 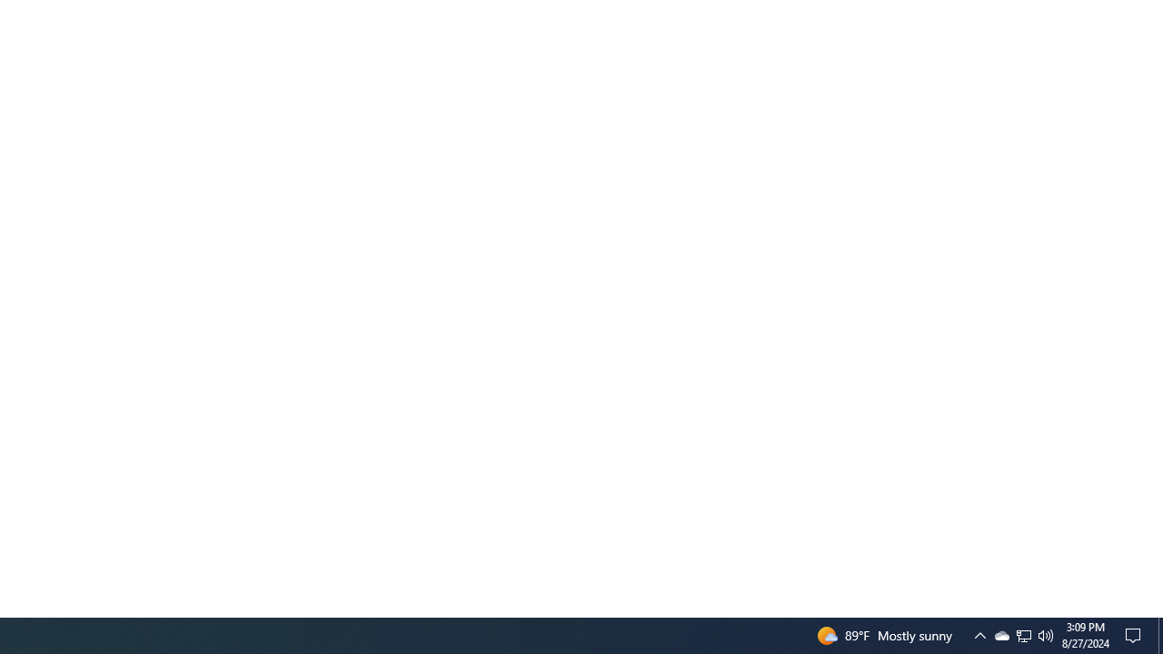 I want to click on 'Q2790: 100%', so click(x=1024, y=634).